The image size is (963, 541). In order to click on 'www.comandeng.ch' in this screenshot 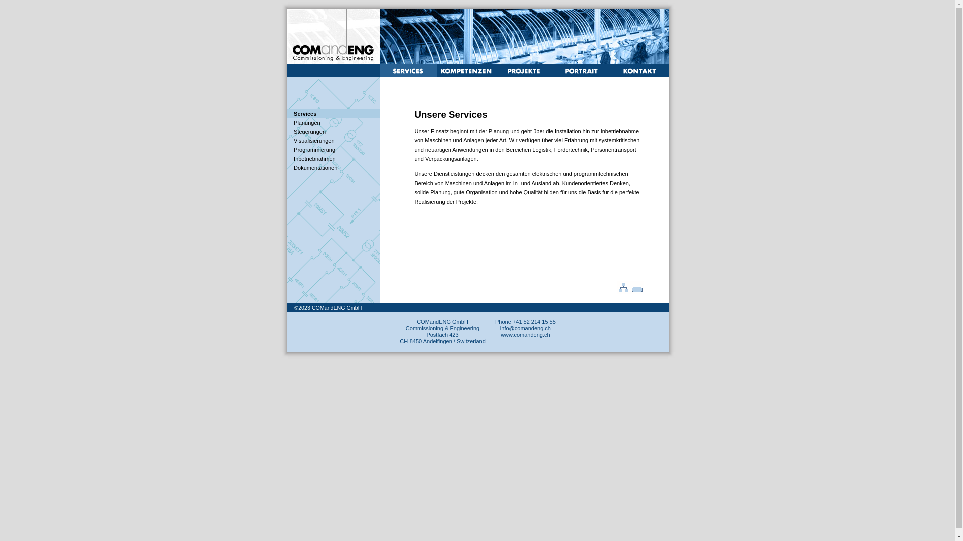, I will do `click(524, 334)`.